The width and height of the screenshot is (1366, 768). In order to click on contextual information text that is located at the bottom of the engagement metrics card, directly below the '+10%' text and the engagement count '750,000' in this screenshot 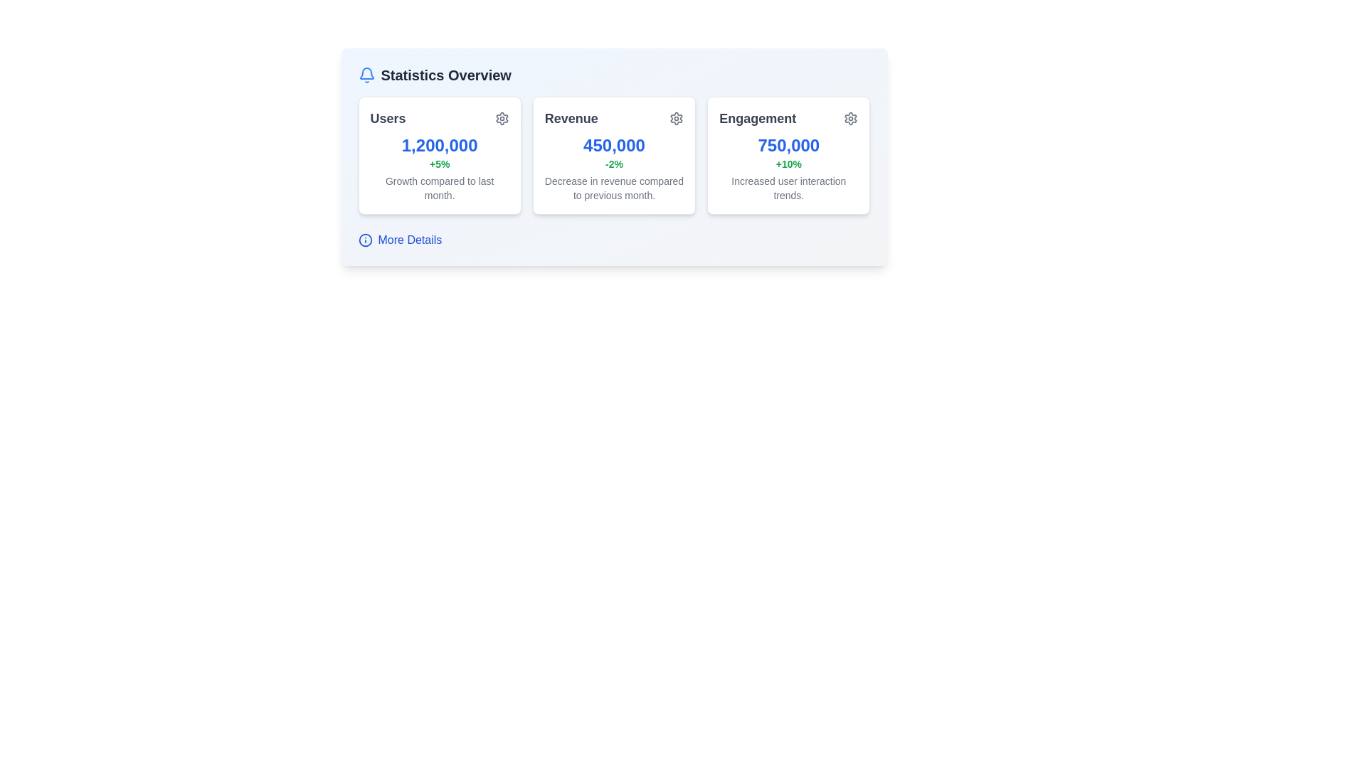, I will do `click(788, 188)`.